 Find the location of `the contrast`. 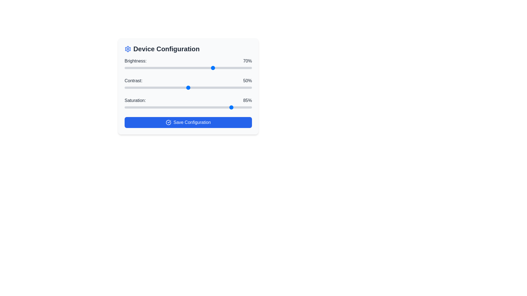

the contrast is located at coordinates (165, 87).